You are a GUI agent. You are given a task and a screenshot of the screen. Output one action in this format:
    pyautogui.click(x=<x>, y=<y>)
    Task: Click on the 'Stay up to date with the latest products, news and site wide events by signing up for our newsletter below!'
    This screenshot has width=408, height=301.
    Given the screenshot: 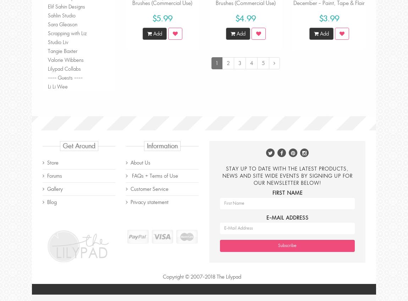 What is the action you would take?
    pyautogui.click(x=287, y=175)
    